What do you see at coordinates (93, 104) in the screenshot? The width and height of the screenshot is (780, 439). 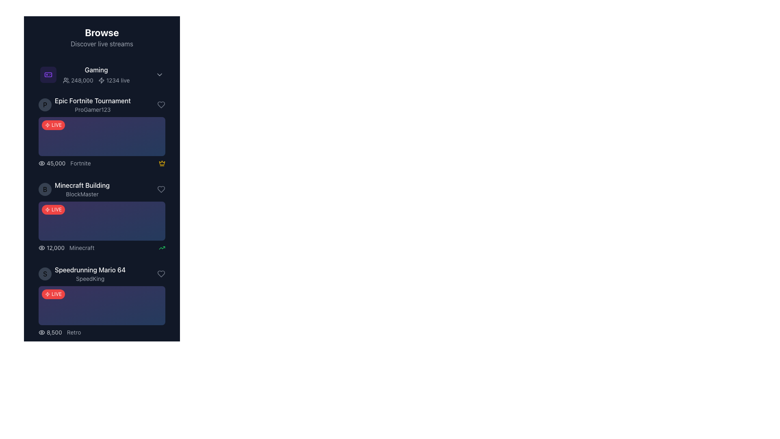 I see `the text block displaying the title of the streaming session and the username of the streamer, positioned below the 'Gaming' title and the avatar icon labeled 'P', and above the red badge labeled 'LIVE'` at bounding box center [93, 104].